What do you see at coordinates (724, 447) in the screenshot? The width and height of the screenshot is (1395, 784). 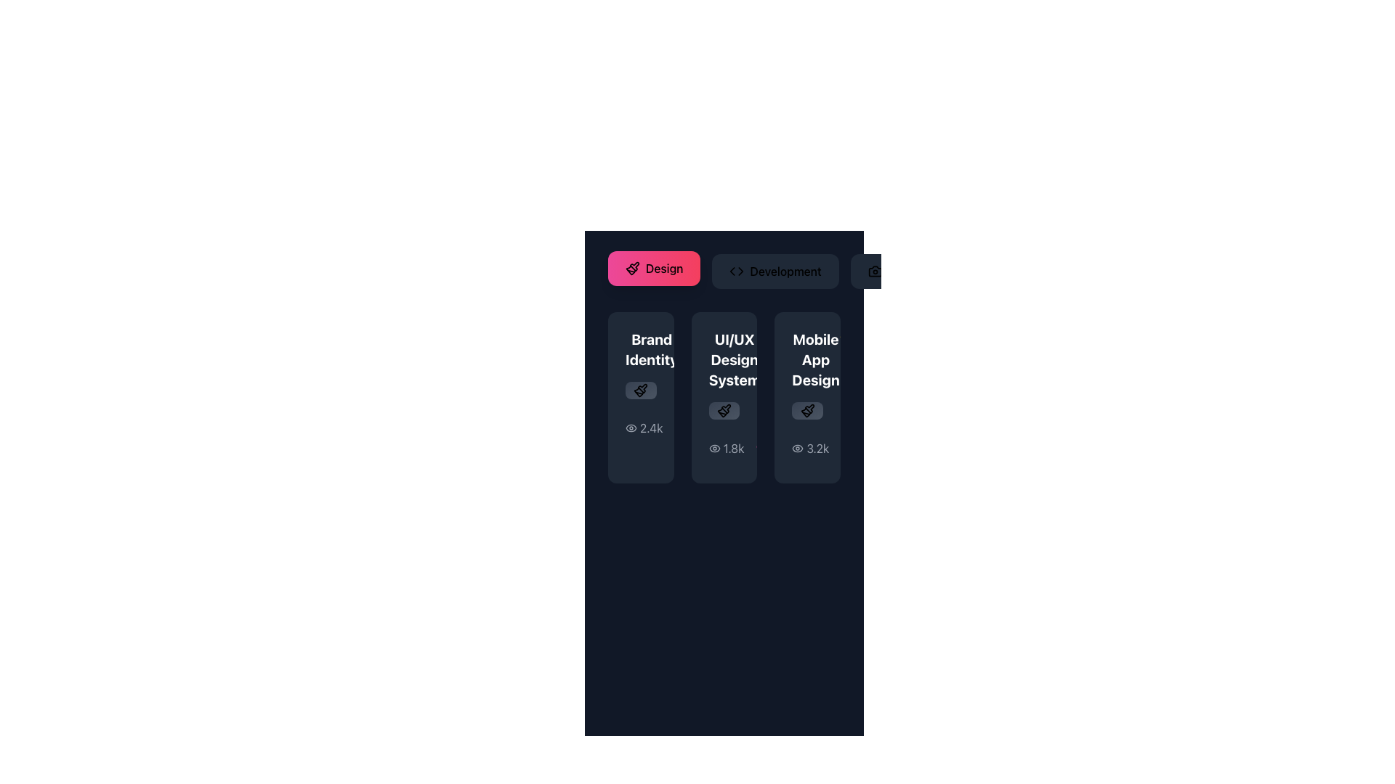 I see `the label that visually represents the view count for the 'UI/UX Design System' card, located at the bottom of the card near the icon and text` at bounding box center [724, 447].